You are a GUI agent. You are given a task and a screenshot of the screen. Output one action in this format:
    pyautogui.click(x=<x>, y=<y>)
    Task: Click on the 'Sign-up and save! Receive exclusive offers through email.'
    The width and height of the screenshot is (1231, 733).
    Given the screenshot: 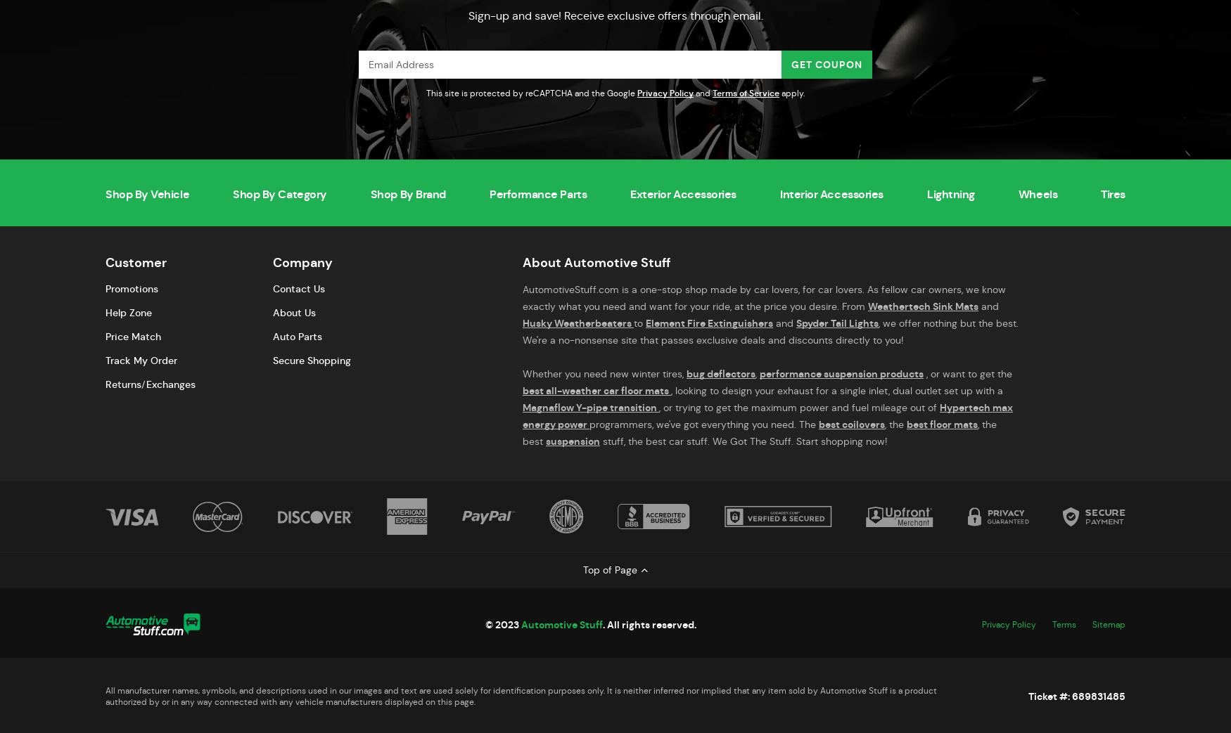 What is the action you would take?
    pyautogui.click(x=615, y=15)
    